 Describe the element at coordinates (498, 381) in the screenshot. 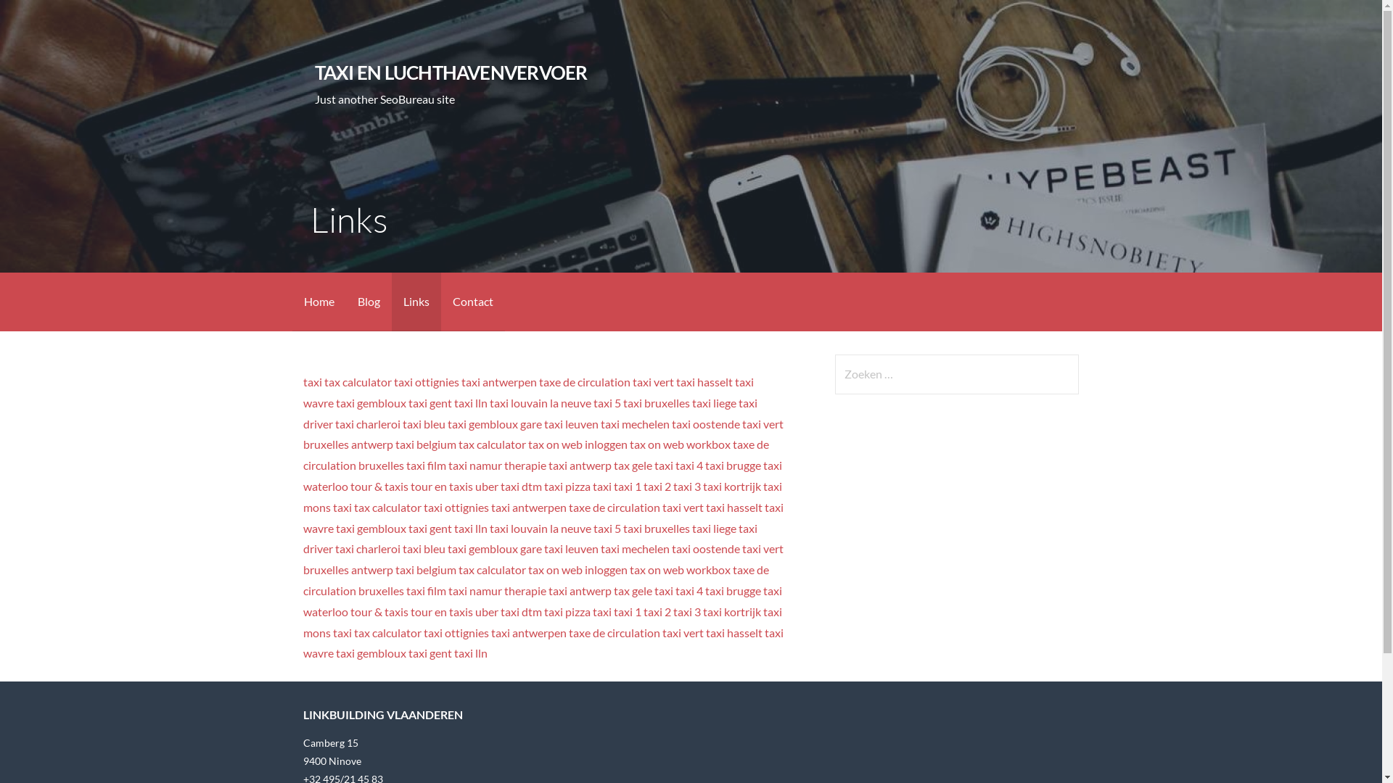

I see `'taxi antwerpen'` at that location.